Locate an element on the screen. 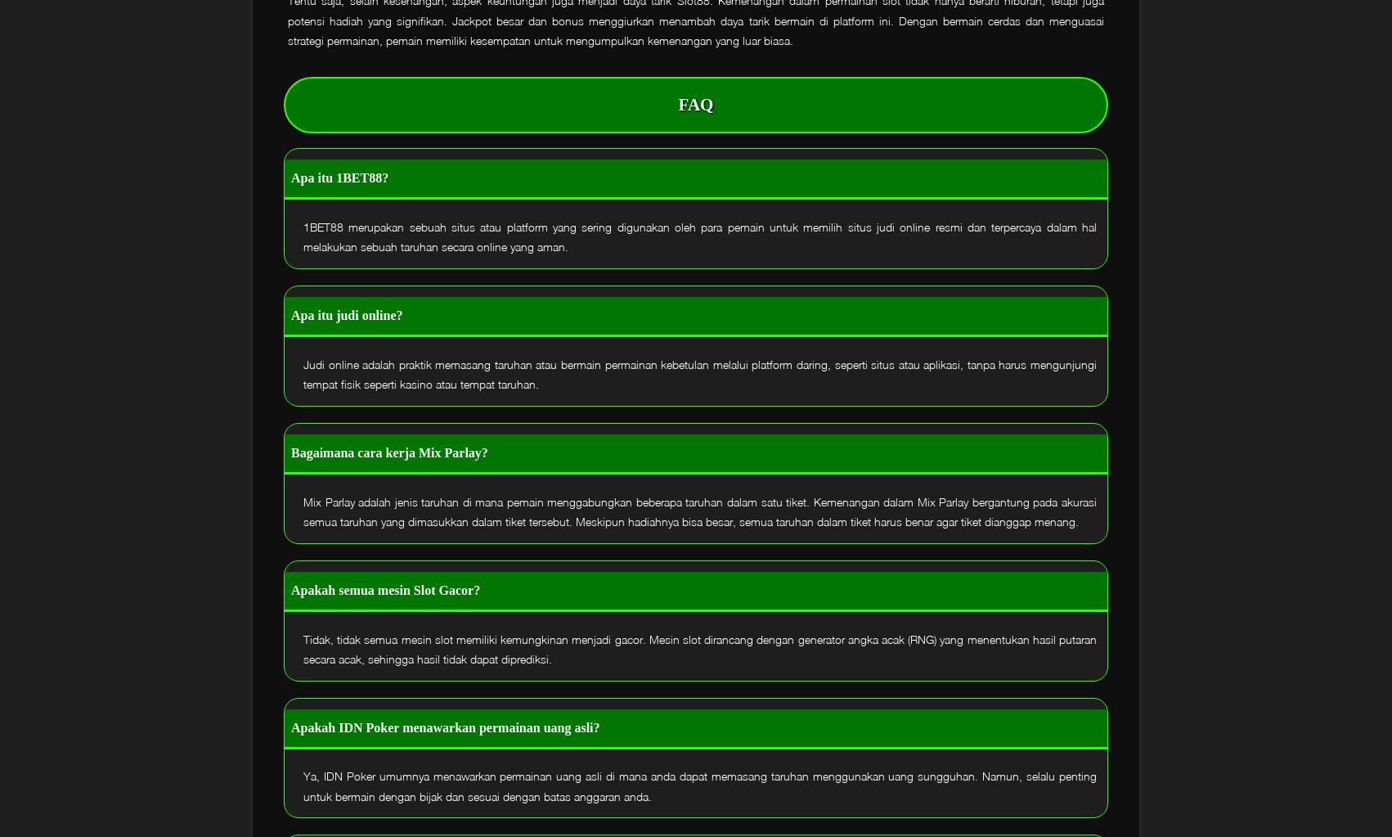 This screenshot has height=837, width=1392. 'Apakah IDN Poker menawarkan permainan uang asli?' is located at coordinates (444, 727).